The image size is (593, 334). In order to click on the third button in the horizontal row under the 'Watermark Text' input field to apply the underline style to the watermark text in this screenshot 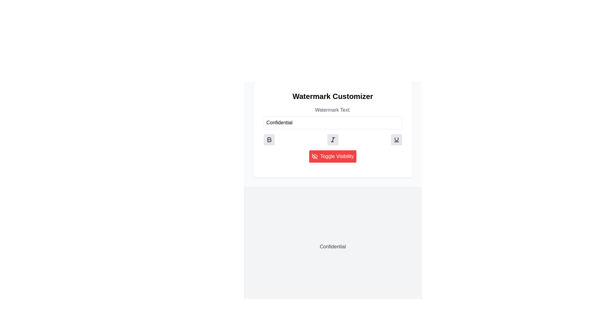, I will do `click(396, 139)`.